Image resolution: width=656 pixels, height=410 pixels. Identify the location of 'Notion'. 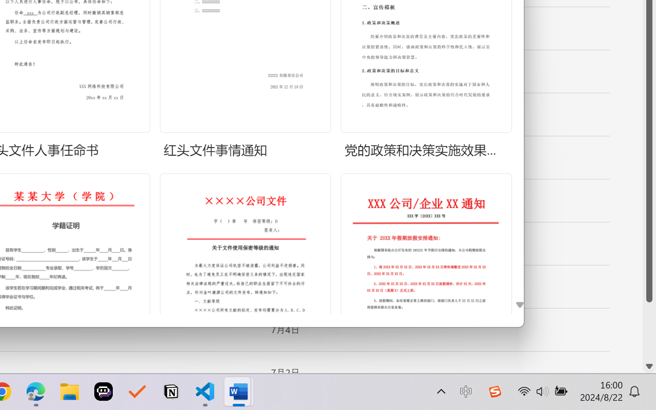
(171, 392).